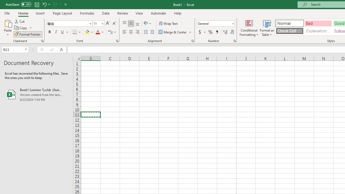 This screenshot has width=345, height=194. What do you see at coordinates (114, 23) in the screenshot?
I see `'Decrease Font Size'` at bounding box center [114, 23].